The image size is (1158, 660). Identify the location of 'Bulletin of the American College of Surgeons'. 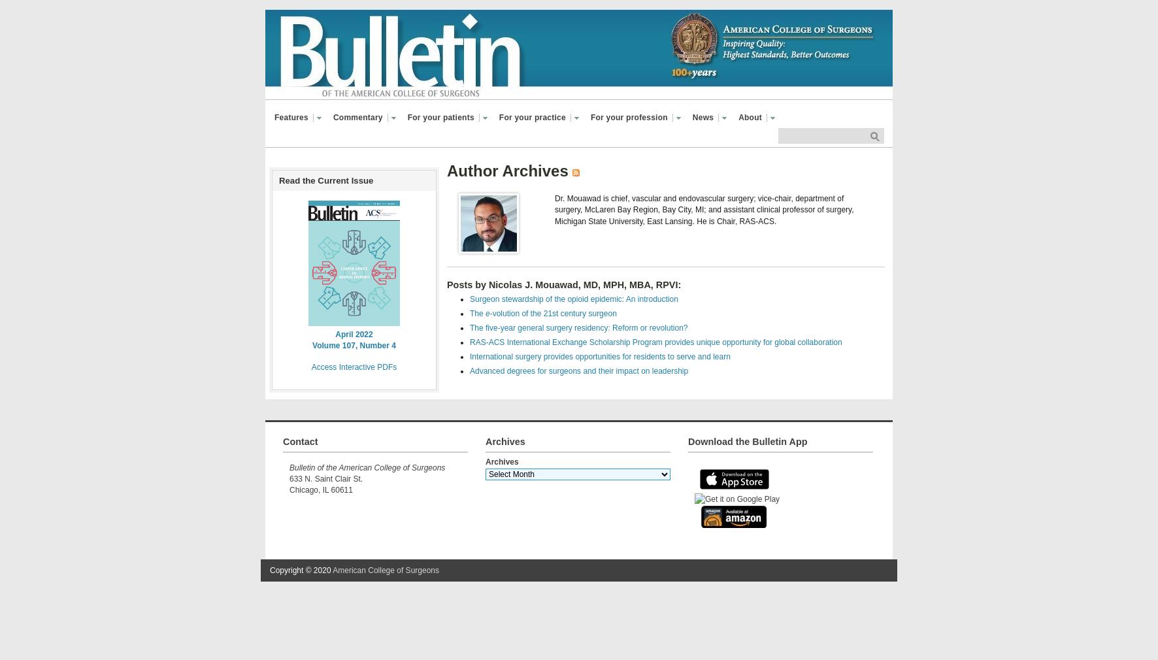
(367, 466).